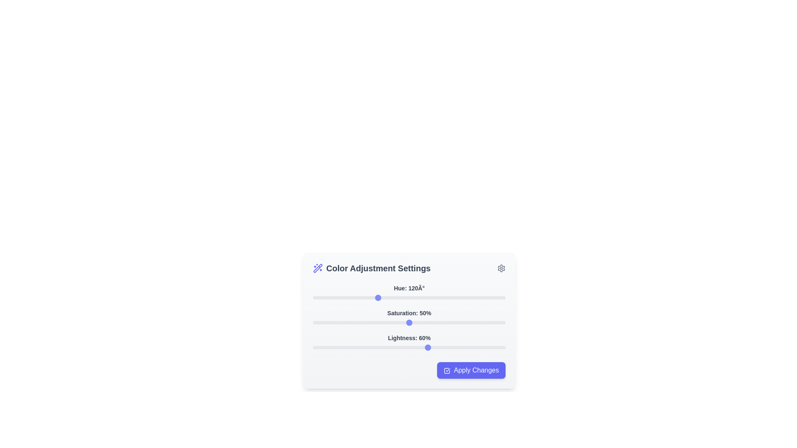 This screenshot has height=448, width=797. Describe the element at coordinates (410, 297) in the screenshot. I see `hue` at that location.